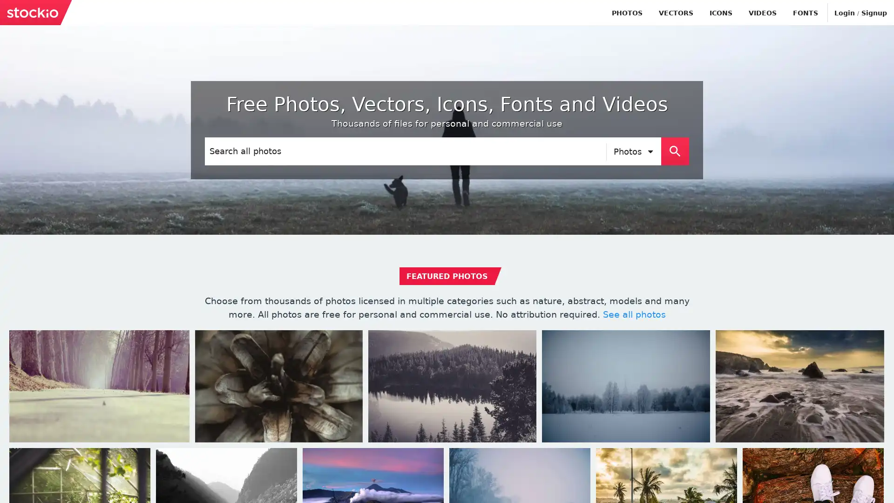  I want to click on SEARCH, so click(675, 150).